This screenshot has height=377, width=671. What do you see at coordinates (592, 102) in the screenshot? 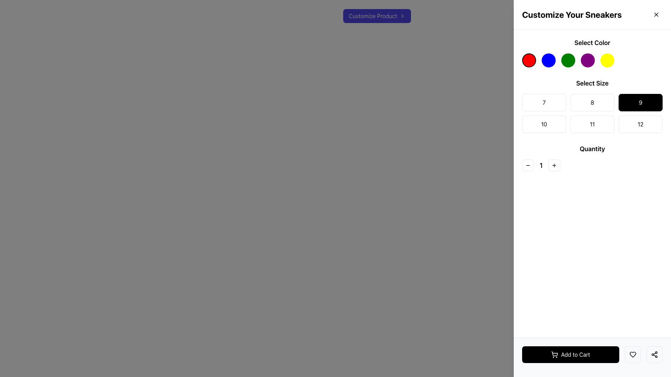
I see `the rectangular button with a white background and black text displaying the number '8'` at bounding box center [592, 102].